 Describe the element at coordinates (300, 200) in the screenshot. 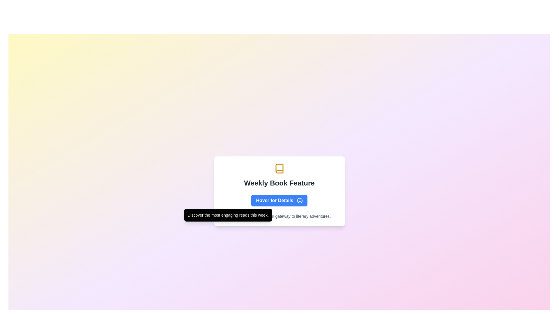

I see `the circular SVG element representing the head frame of the smiley face icon, which is located to the right of the 'Hover for Details' button` at that location.